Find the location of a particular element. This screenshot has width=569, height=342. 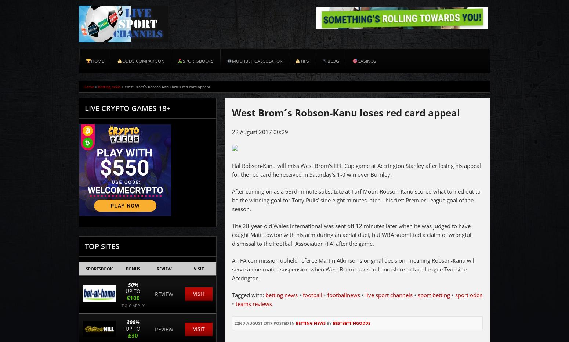

'sport betting' is located at coordinates (417, 294).